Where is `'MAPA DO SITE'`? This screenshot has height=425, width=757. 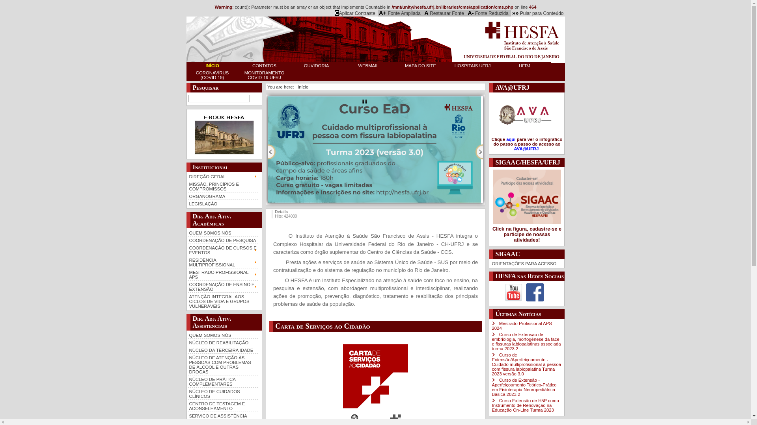
'MAPA DO SITE' is located at coordinates (394, 65).